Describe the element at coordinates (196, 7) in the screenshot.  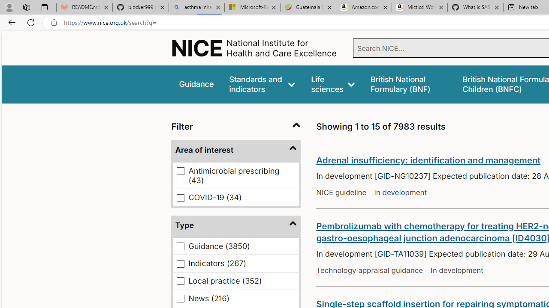
I see `'asthma inhaler - Search'` at that location.